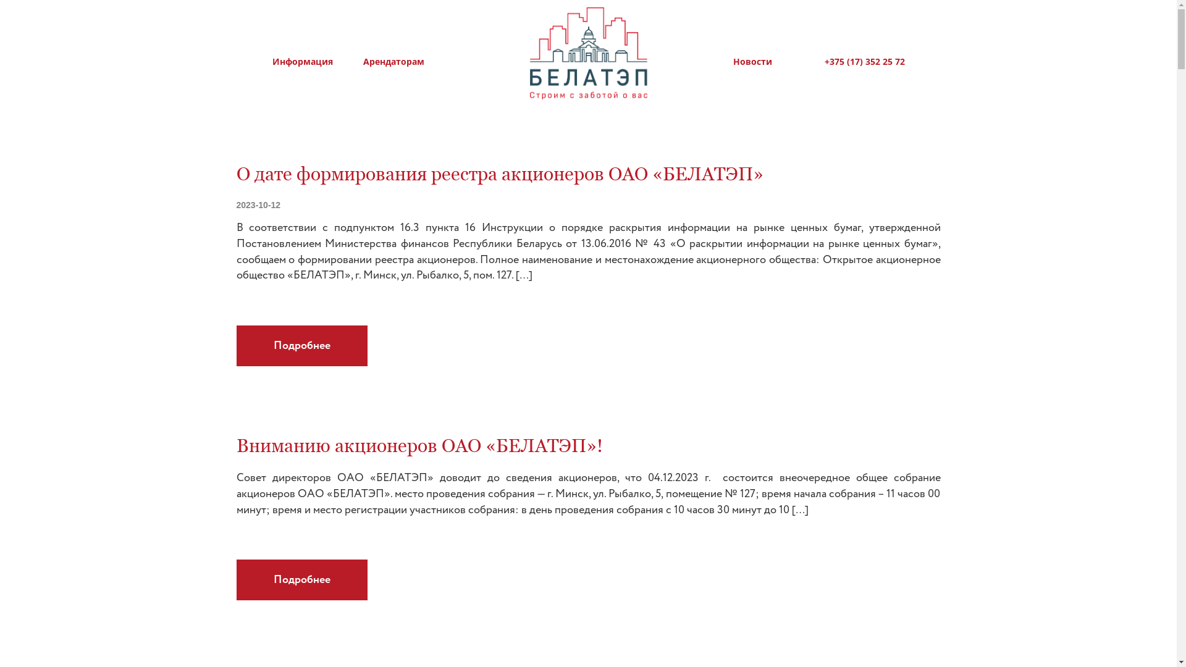 This screenshot has height=667, width=1186. What do you see at coordinates (853, 62) in the screenshot?
I see `'+375 (17) 352 25 72'` at bounding box center [853, 62].